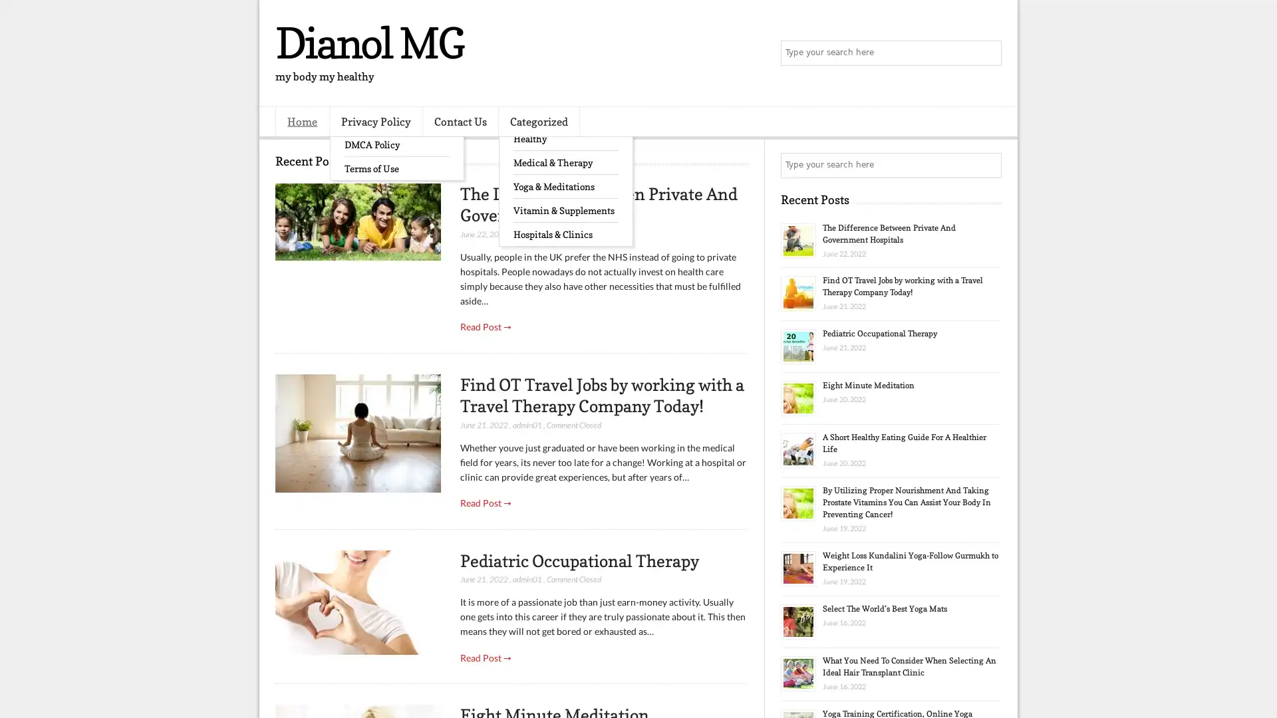  Describe the element at coordinates (988, 53) in the screenshot. I see `Search` at that location.